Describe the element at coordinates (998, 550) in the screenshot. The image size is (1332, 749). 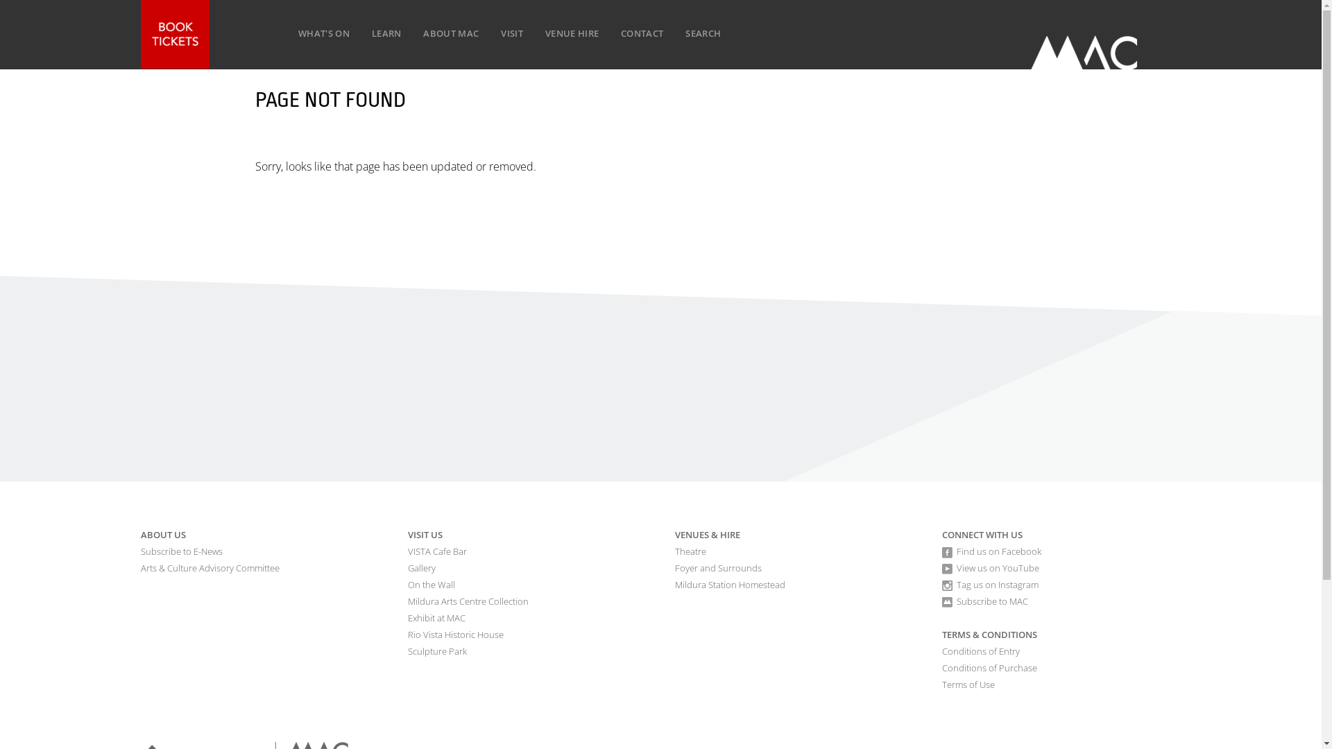
I see `'Find us on Facebook'` at that location.